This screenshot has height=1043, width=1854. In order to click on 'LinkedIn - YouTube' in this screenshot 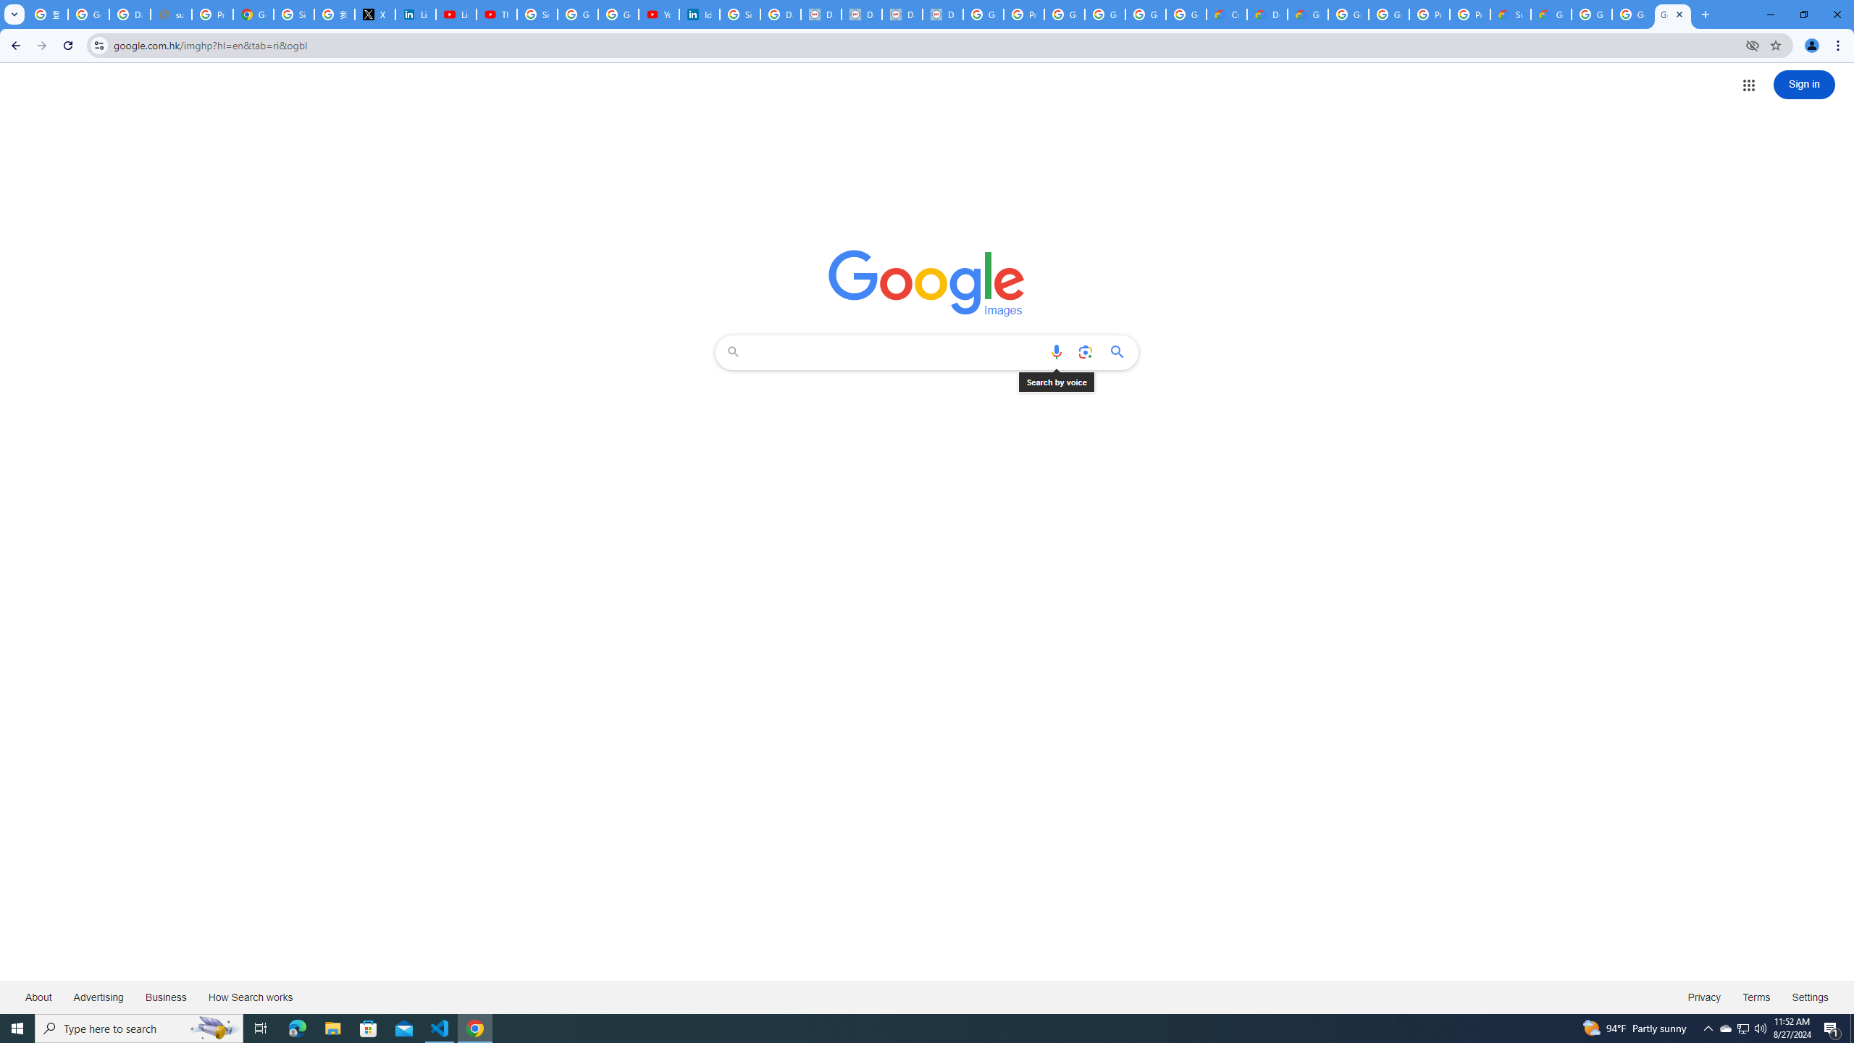, I will do `click(457, 14)`.